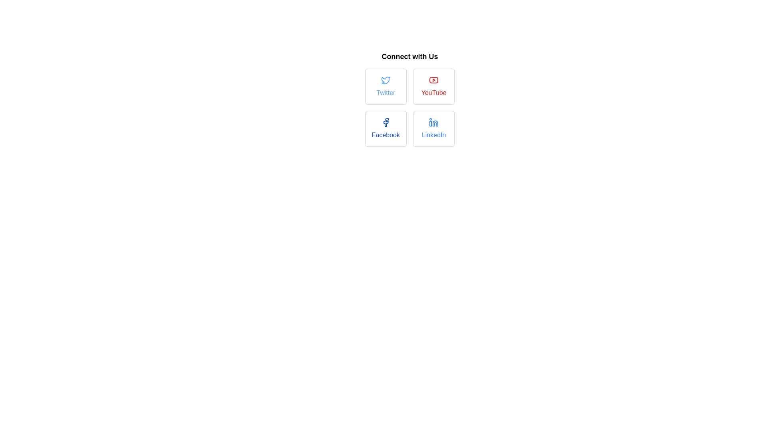 The height and width of the screenshot is (431, 767). Describe the element at coordinates (430, 123) in the screenshot. I see `the small vertical blue rectangle that is part of the LinkedIn icon located in the lower right corner of the social media icons under 'Connect with Us'` at that location.